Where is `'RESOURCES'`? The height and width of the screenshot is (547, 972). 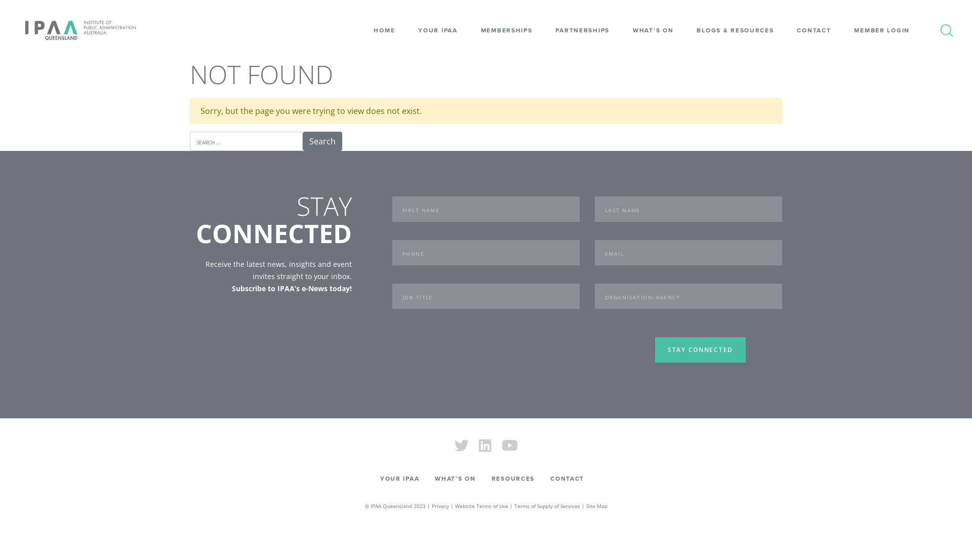 'RESOURCES' is located at coordinates (513, 479).